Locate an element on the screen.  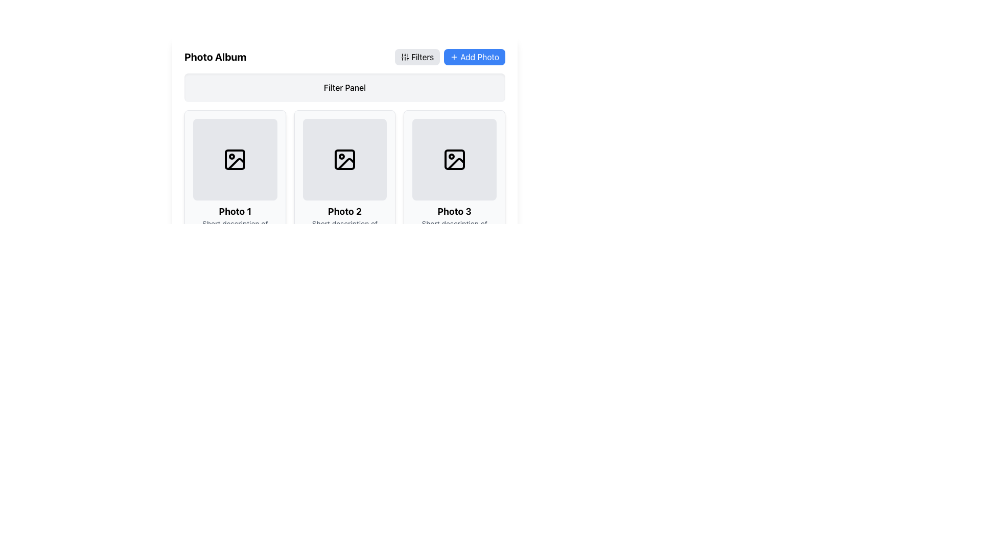
the vertical sliders icon that is part of the 'Filters' button in the toolbar, located next to the '+ Add Photo' button is located at coordinates (404, 57).